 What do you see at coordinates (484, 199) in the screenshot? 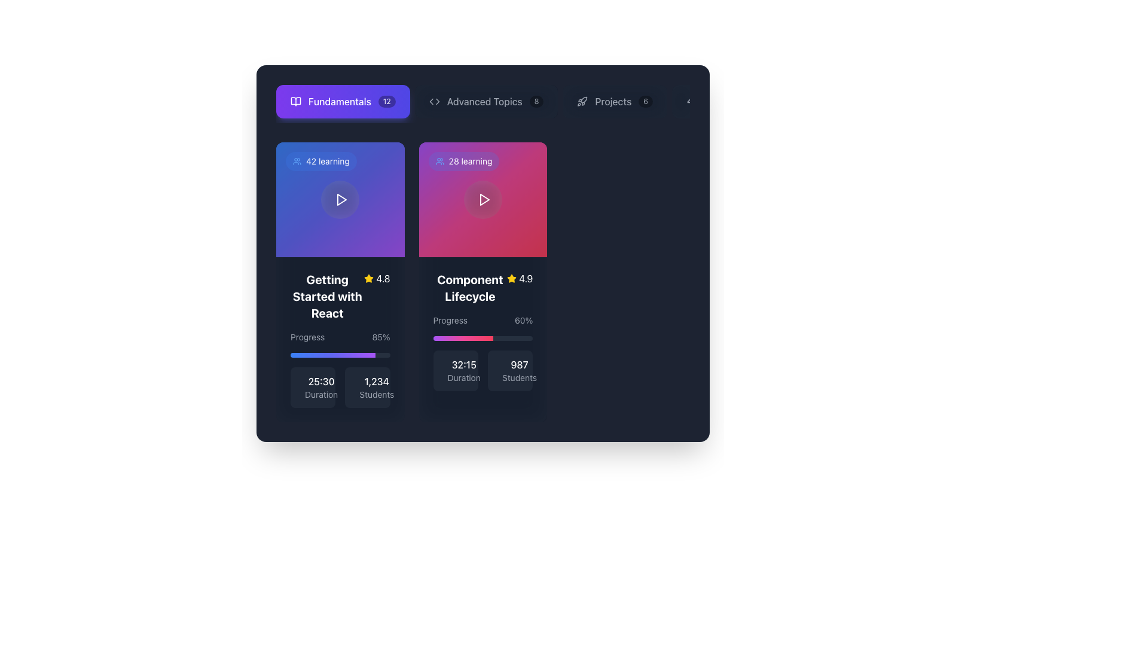
I see `the play icon located at the center of the second rectangular card in the main application area` at bounding box center [484, 199].